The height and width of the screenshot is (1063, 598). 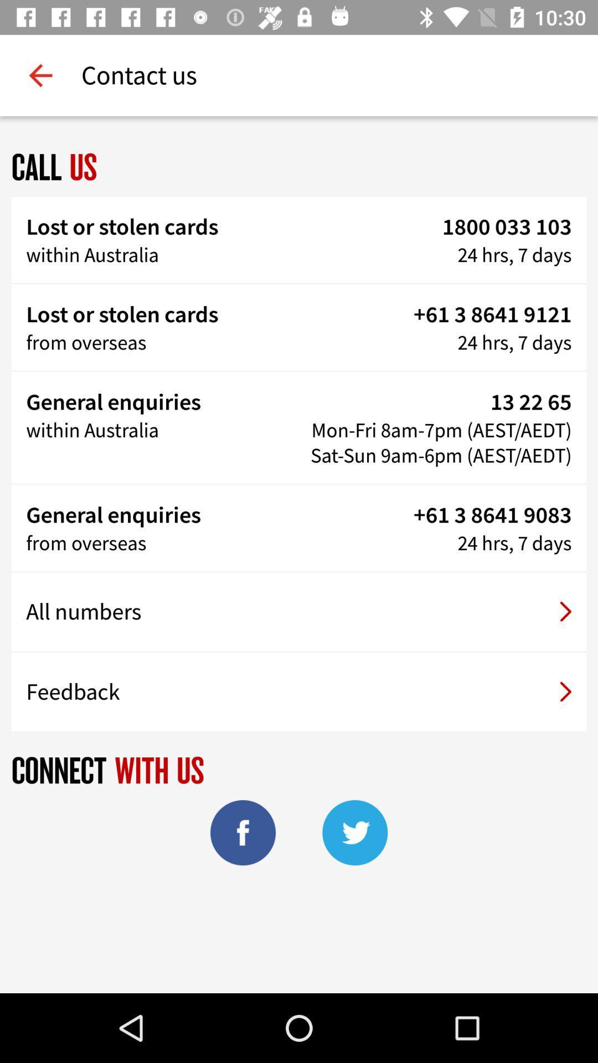 I want to click on twitter icon at the bottom of the page, so click(x=355, y=833).